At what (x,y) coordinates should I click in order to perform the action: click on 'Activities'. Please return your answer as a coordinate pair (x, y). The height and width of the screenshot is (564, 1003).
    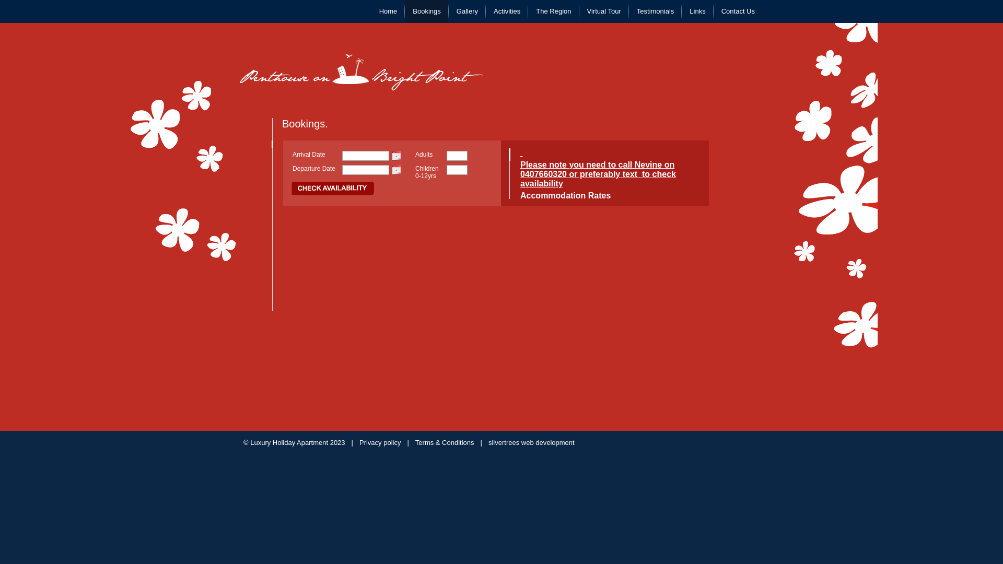
    Looking at the image, I should click on (507, 11).